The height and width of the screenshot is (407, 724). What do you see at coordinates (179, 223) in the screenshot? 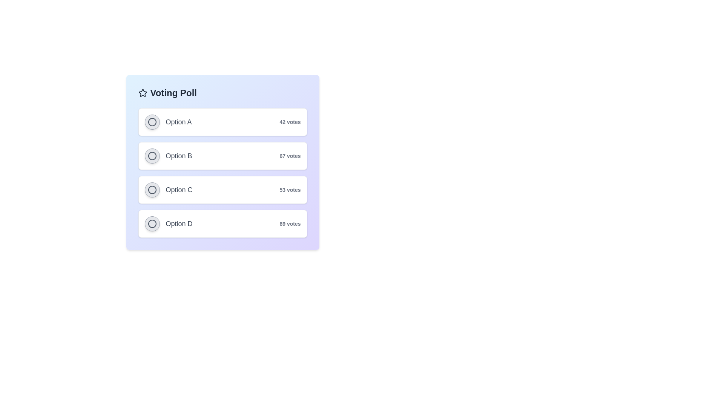
I see `the text label for the fourth option in the 'Voting Poll', which is positioned to the right of an empty circle indicating a selection option` at bounding box center [179, 223].